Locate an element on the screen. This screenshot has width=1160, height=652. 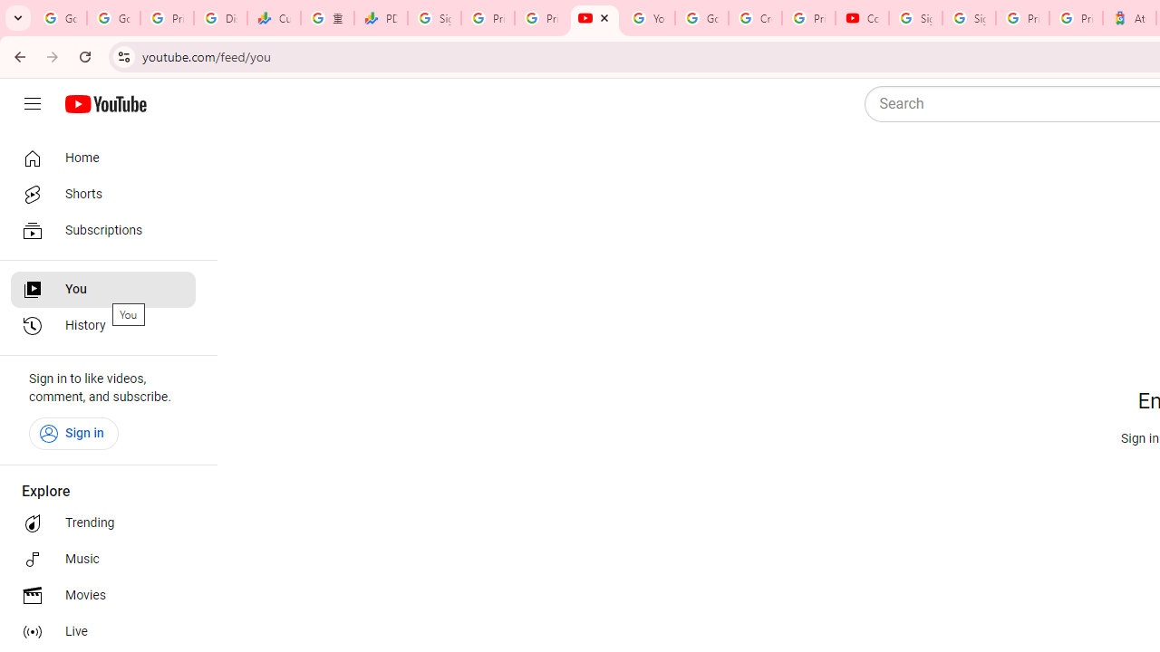
'Sign in - Google Accounts' is located at coordinates (915, 18).